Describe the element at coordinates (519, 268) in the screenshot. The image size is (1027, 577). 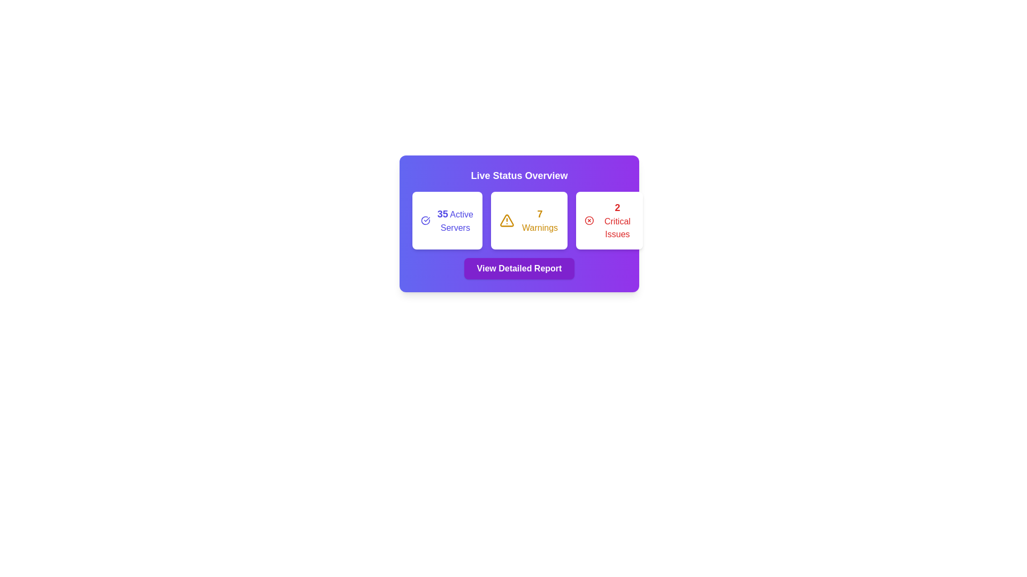
I see `the button located at the bottom of the 'Live Status Overview' section to potentially display a tooltip or highlight effect` at that location.